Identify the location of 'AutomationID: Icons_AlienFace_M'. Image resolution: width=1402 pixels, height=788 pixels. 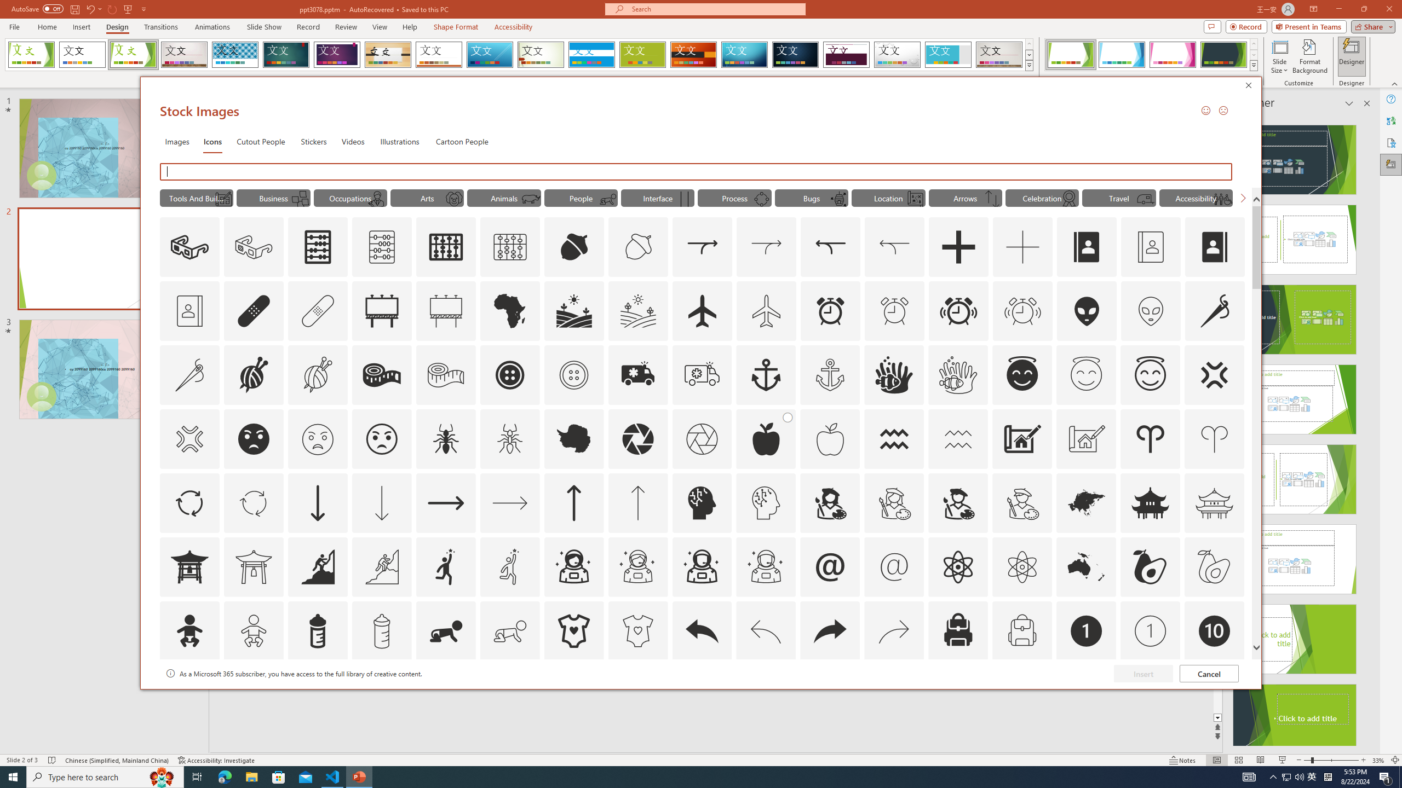
(1150, 310).